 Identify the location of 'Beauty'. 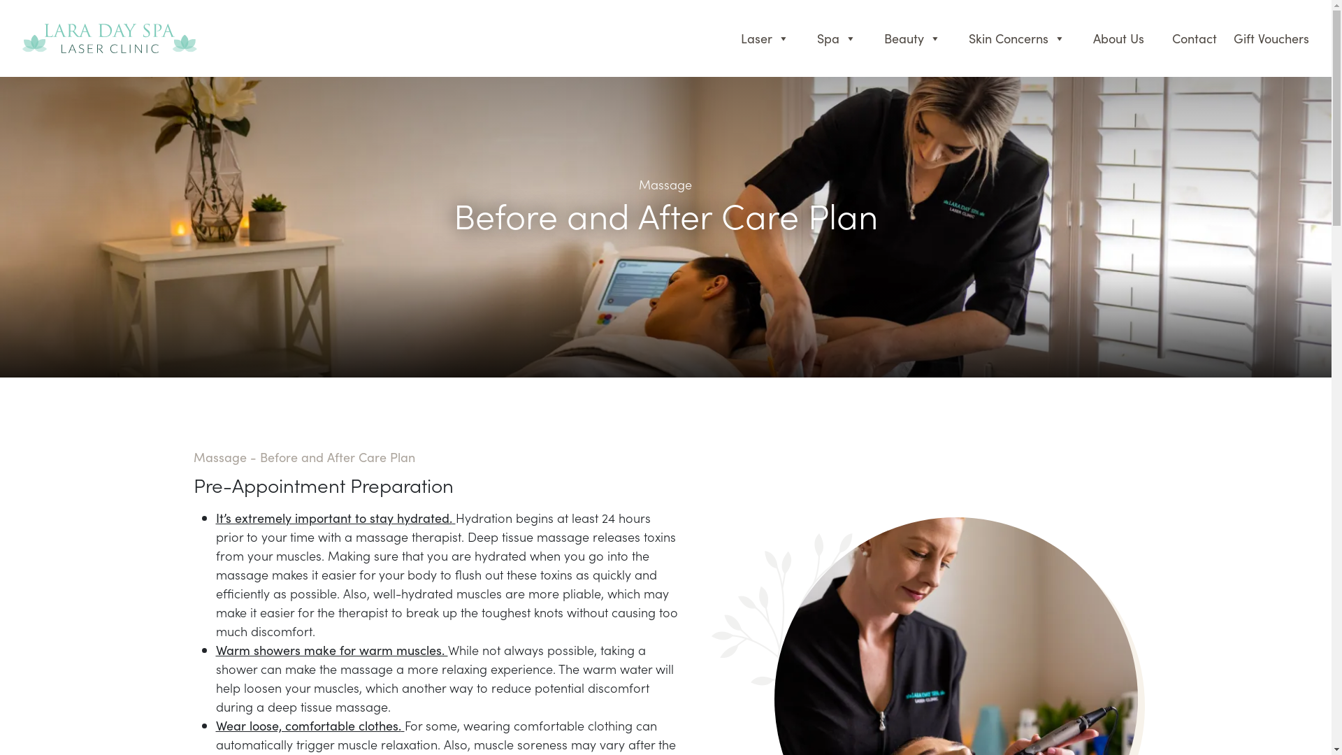
(869, 37).